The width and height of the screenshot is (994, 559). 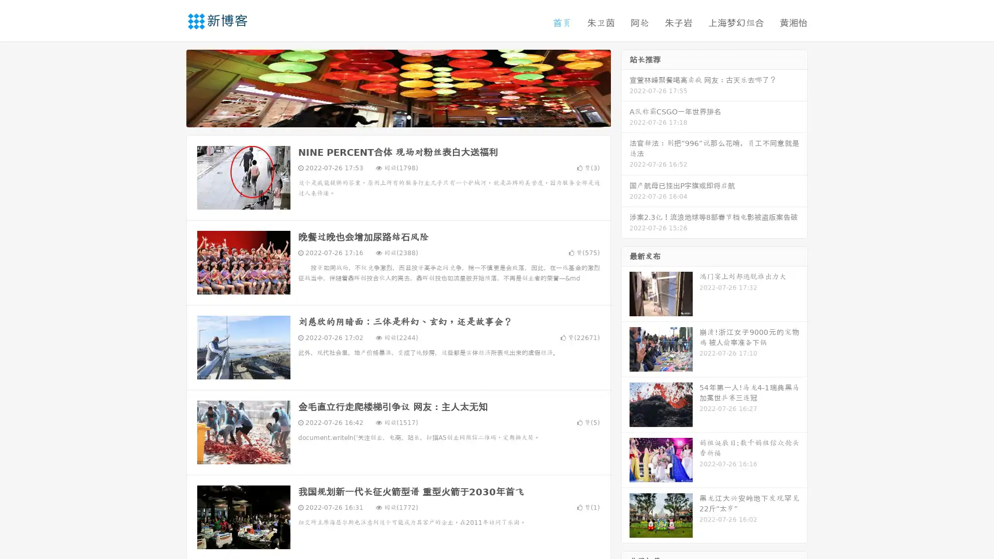 I want to click on Next slide, so click(x=625, y=87).